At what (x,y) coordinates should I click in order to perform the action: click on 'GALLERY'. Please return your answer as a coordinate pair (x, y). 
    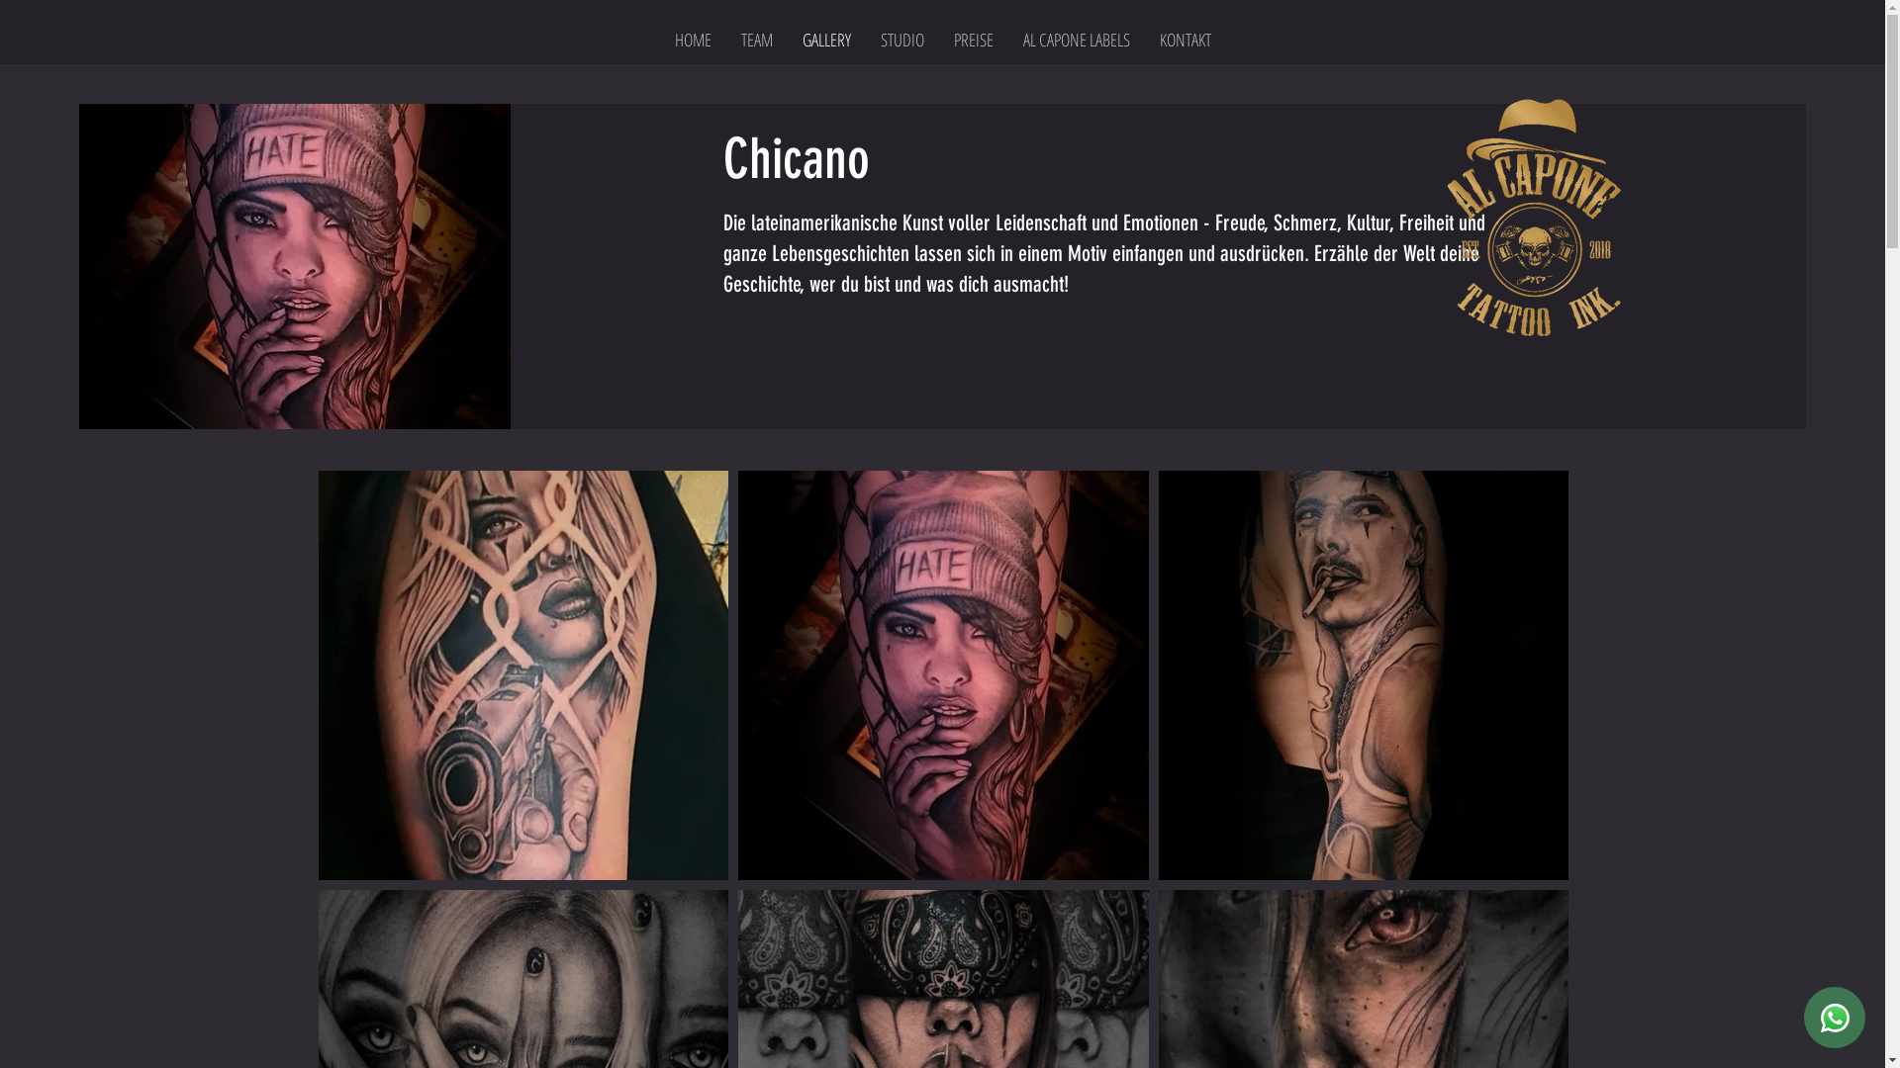
    Looking at the image, I should click on (787, 39).